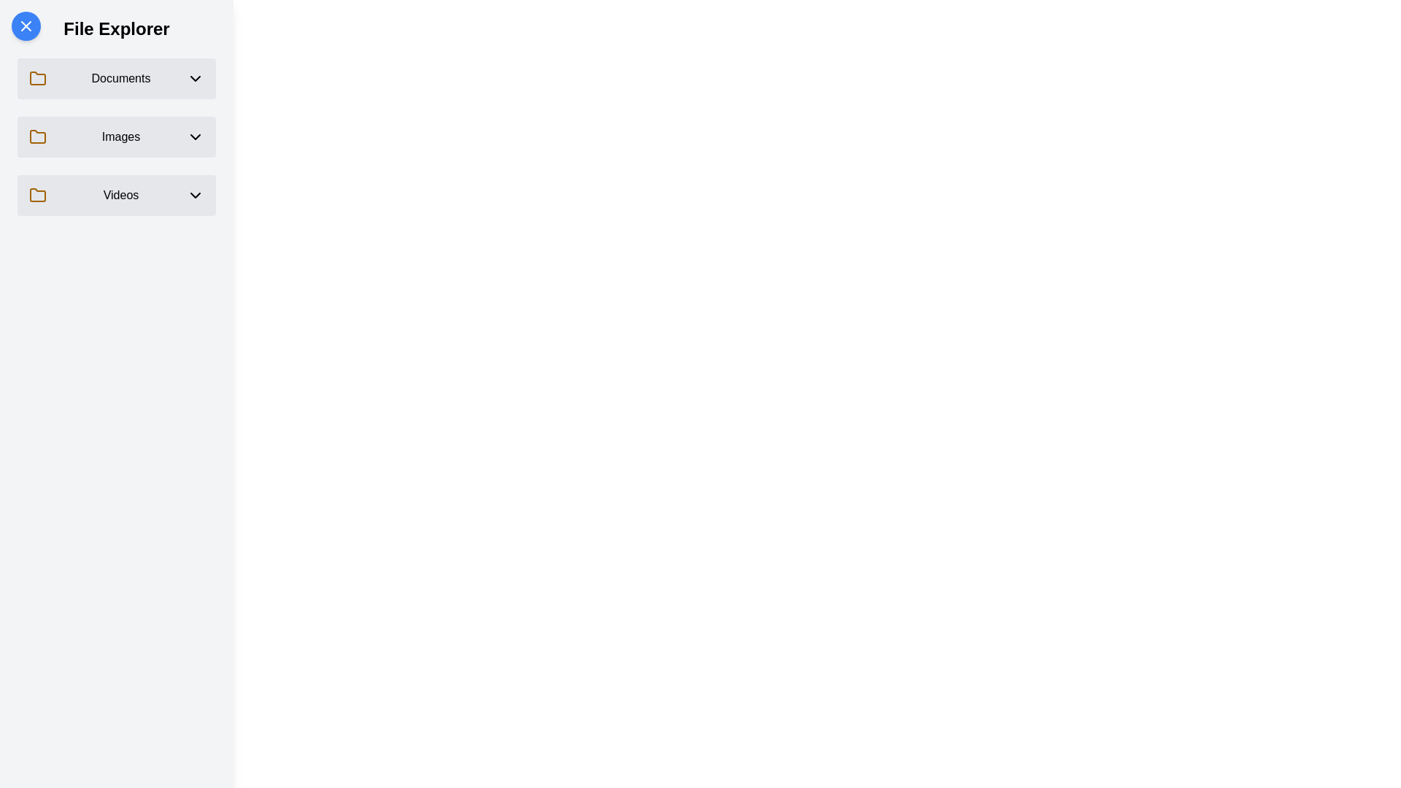 This screenshot has height=788, width=1401. I want to click on the 'Images' label, which is styled with a medium-weight font and positioned between a folder icon and a dropdown indicator within a horizontal structure, so click(121, 137).